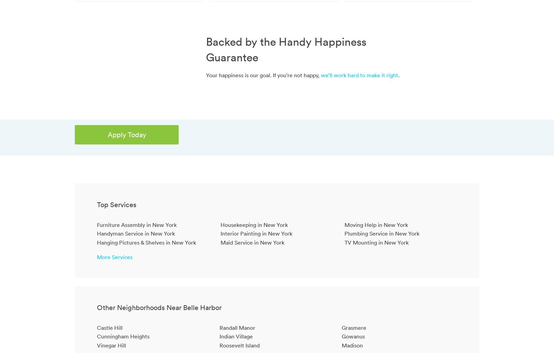 The height and width of the screenshot is (353, 554). I want to click on 'Plumbing Service in New York', so click(381, 233).